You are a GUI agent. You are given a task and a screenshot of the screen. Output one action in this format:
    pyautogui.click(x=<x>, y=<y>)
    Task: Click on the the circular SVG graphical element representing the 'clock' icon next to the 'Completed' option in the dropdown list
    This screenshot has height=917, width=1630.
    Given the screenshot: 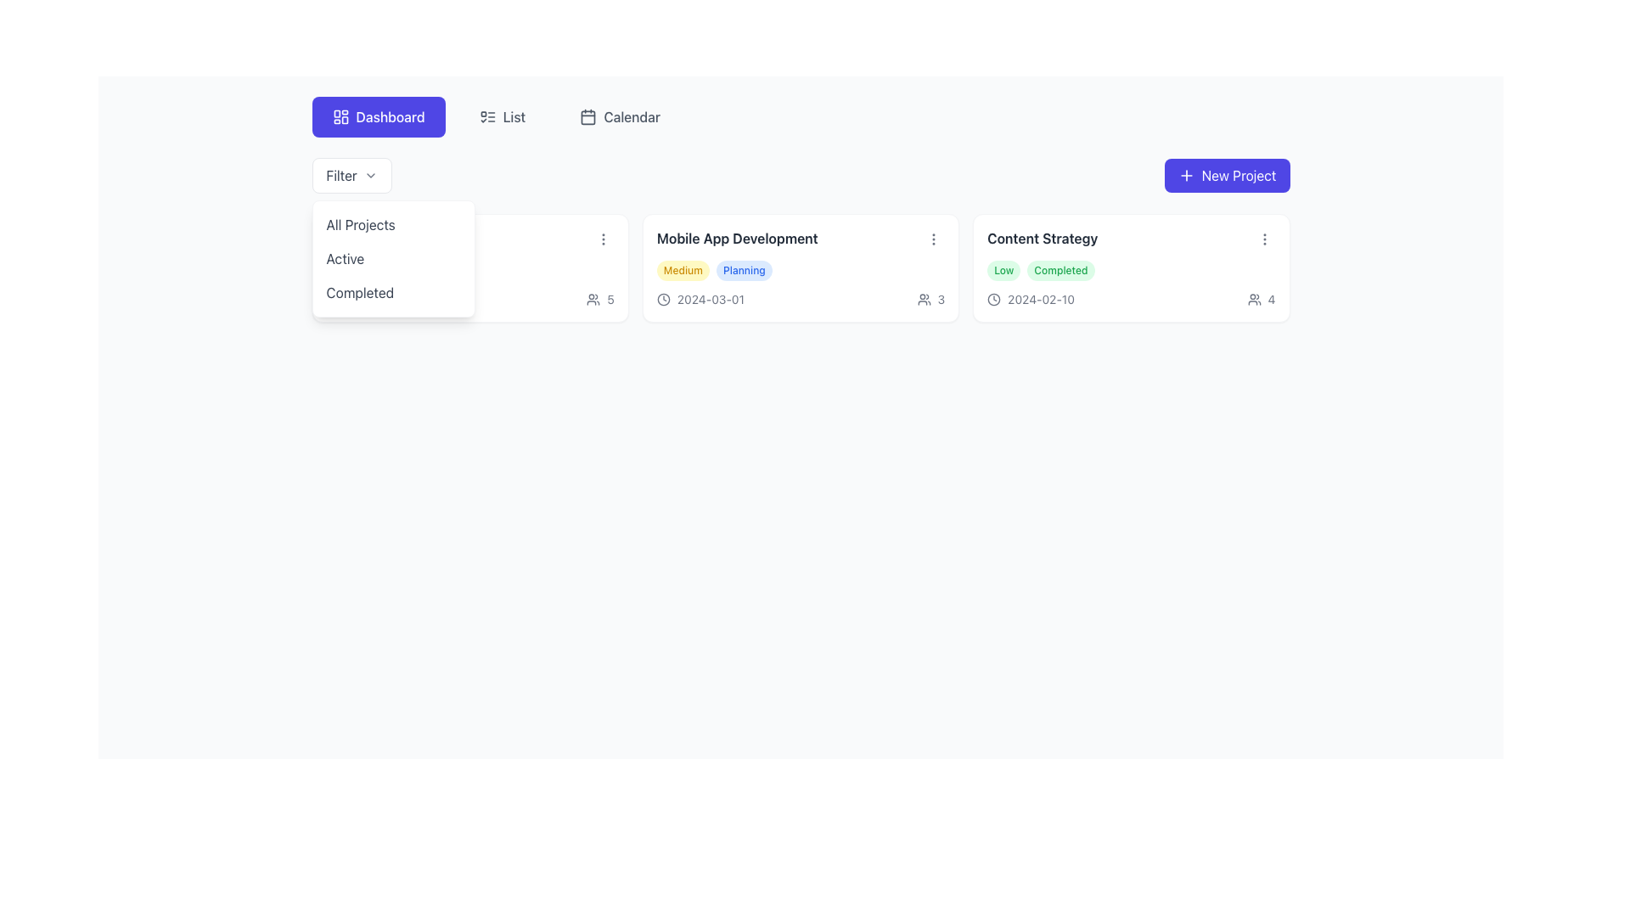 What is the action you would take?
    pyautogui.click(x=333, y=299)
    